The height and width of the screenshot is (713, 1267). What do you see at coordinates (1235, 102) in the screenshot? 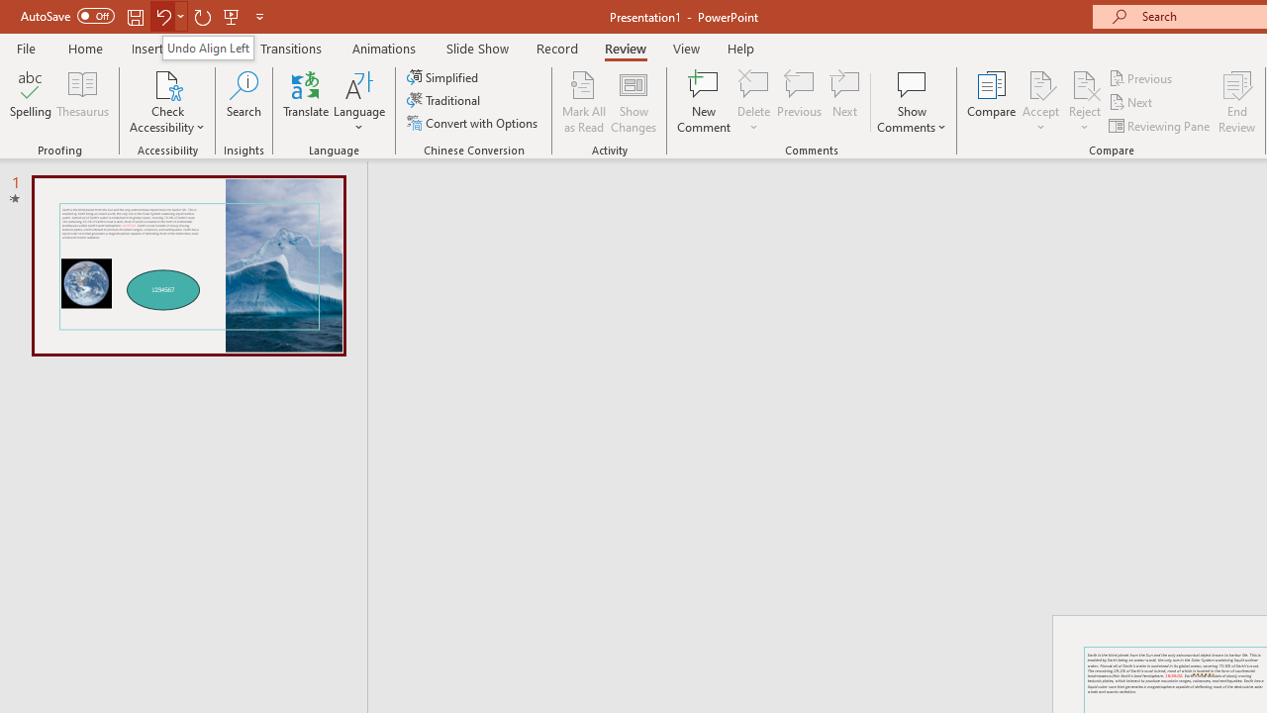
I see `'End Review'` at bounding box center [1235, 102].